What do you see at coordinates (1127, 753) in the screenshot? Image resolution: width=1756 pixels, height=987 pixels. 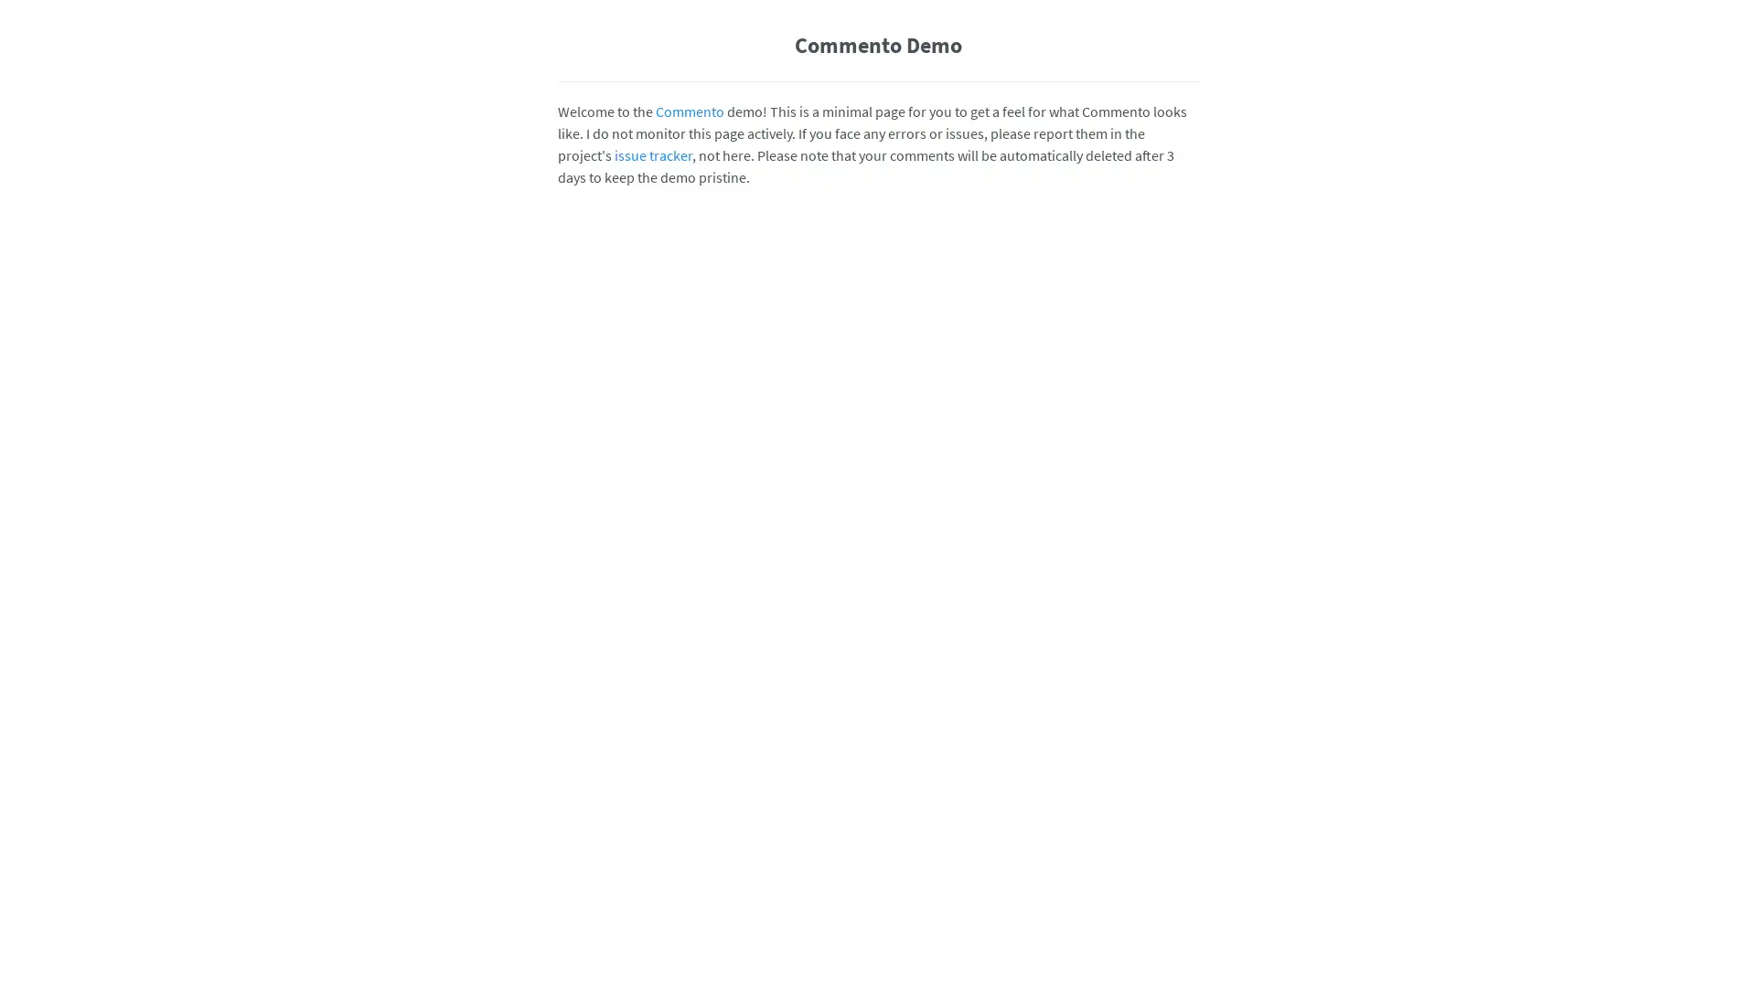 I see `Upvote` at bounding box center [1127, 753].